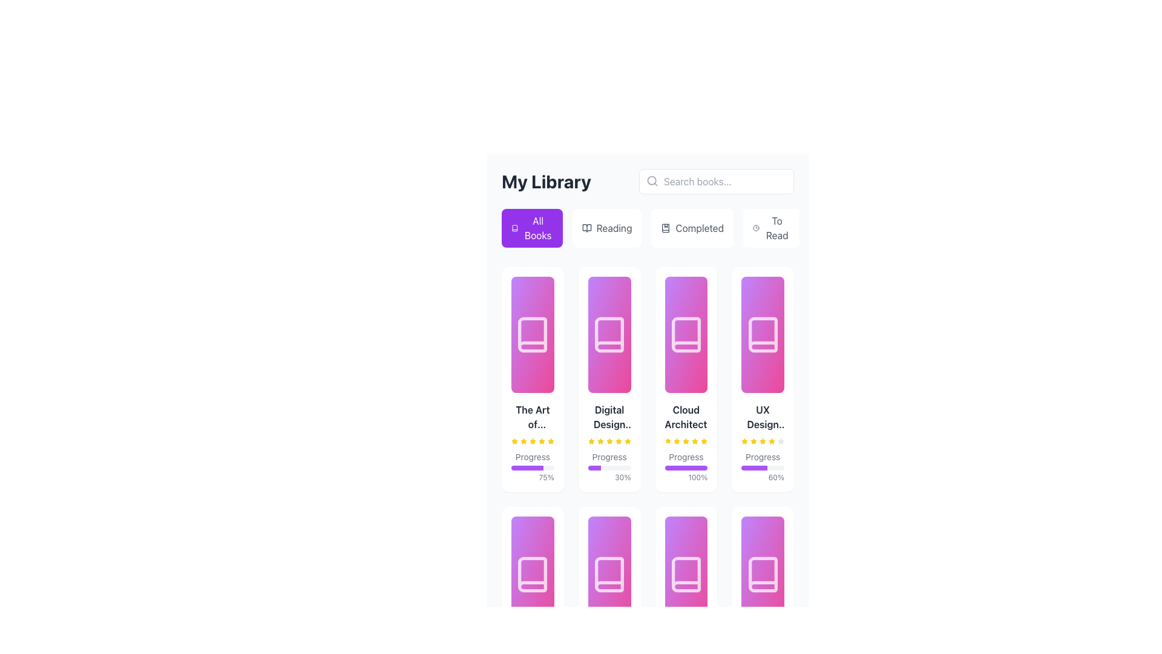 The width and height of the screenshot is (1162, 654). Describe the element at coordinates (533, 573) in the screenshot. I see `the book icon with a minimalist outline design, located in the lower-left corner of the second row of book cards, which features a gradient background and a white stroke outline` at that location.